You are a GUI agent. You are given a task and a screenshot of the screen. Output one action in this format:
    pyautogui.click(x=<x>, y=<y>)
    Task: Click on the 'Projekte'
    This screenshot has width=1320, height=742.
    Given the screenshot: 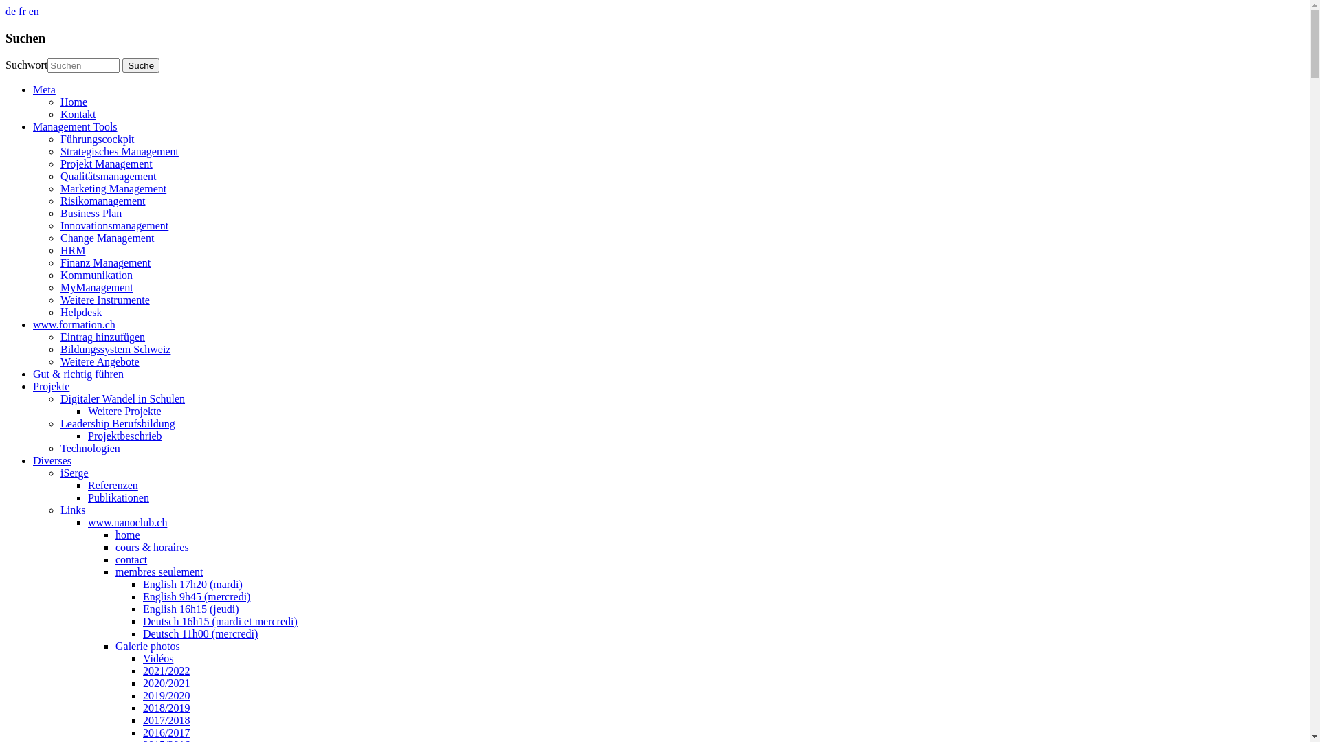 What is the action you would take?
    pyautogui.click(x=51, y=386)
    